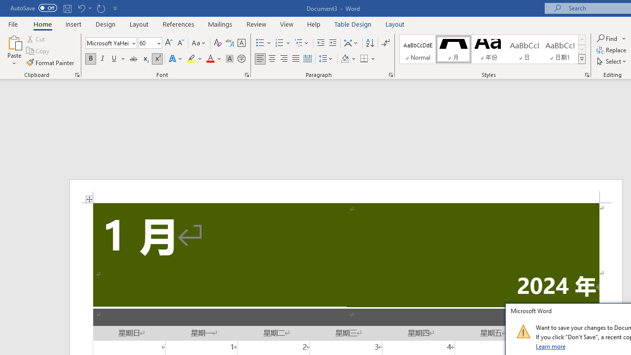  What do you see at coordinates (176, 59) in the screenshot?
I see `'Text Effects and Typography'` at bounding box center [176, 59].